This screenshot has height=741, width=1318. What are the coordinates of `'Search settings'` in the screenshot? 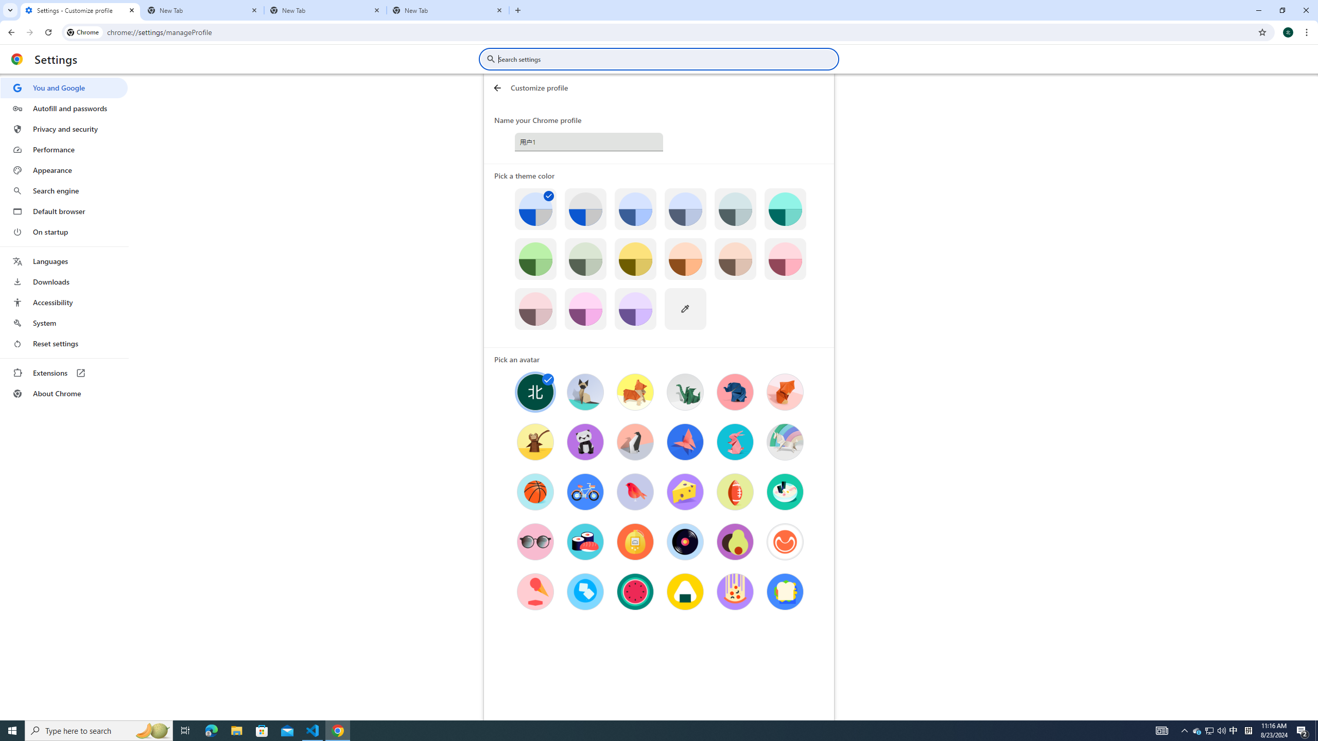 It's located at (666, 59).